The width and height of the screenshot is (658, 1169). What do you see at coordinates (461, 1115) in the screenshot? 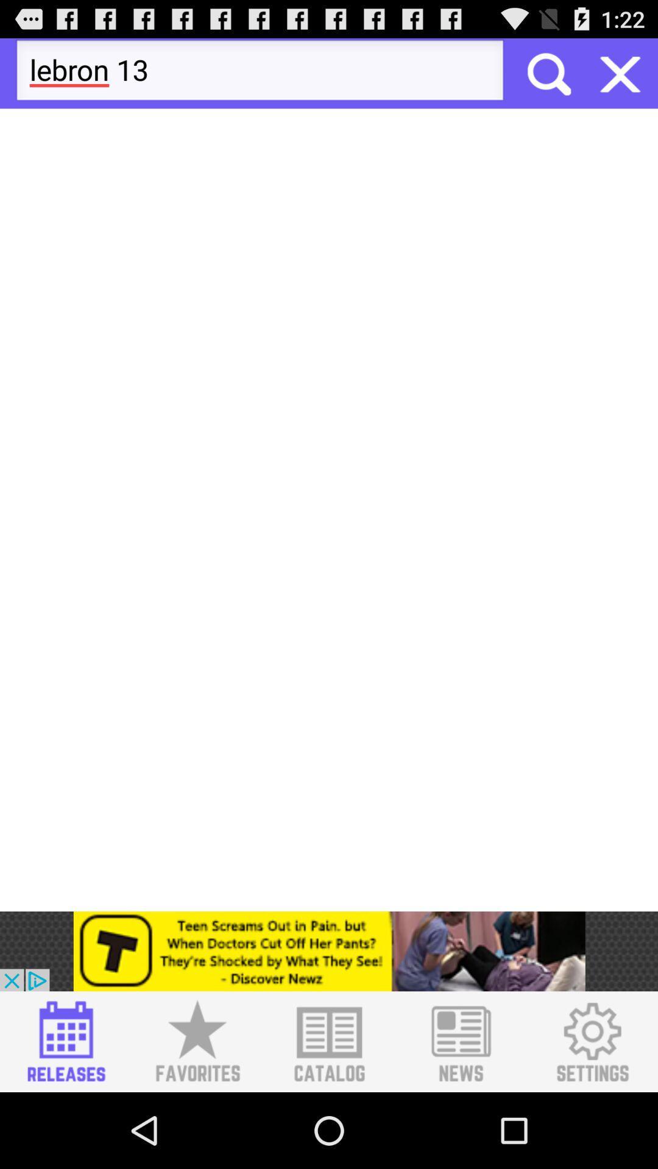
I see `the list icon` at bounding box center [461, 1115].